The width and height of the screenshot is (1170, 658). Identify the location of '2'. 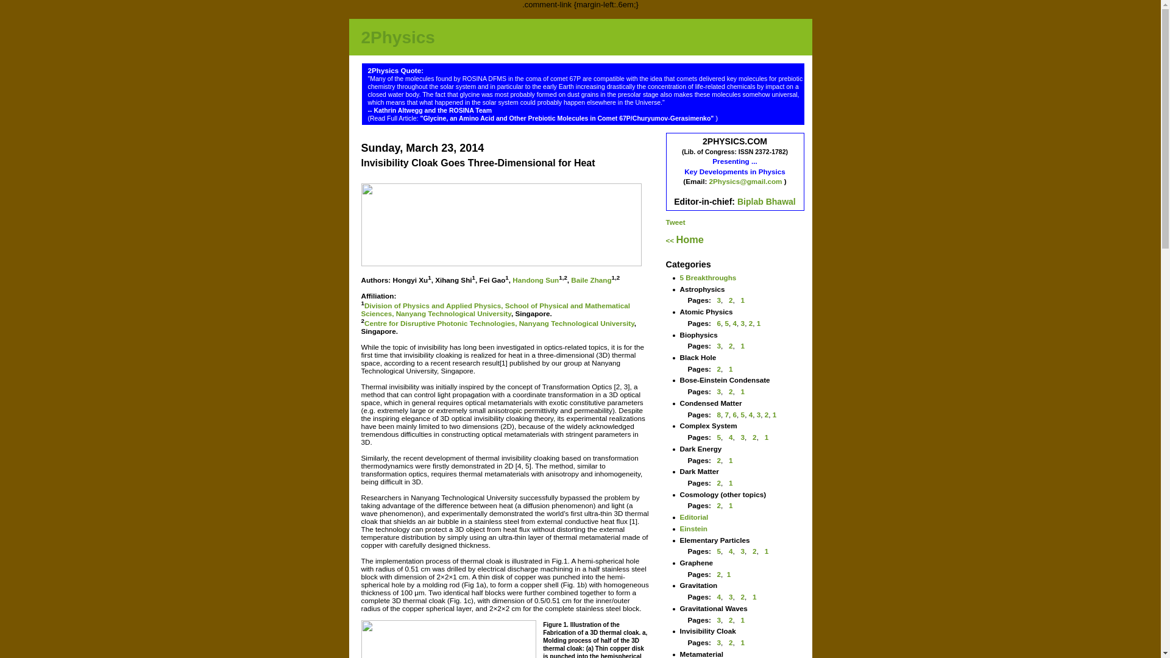
(717, 459).